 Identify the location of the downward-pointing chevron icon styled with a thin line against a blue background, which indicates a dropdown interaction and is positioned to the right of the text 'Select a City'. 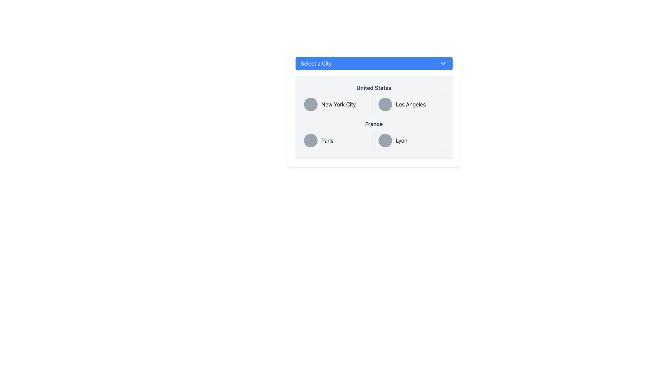
(443, 64).